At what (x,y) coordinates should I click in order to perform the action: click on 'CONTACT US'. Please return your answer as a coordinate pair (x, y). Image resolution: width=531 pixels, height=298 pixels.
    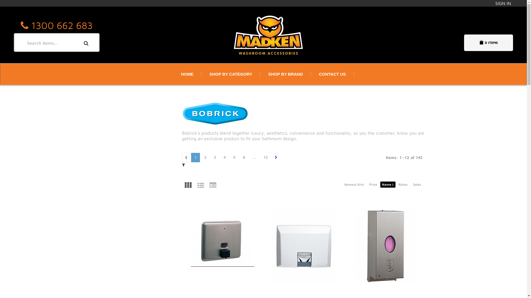
    Looking at the image, I should click on (311, 74).